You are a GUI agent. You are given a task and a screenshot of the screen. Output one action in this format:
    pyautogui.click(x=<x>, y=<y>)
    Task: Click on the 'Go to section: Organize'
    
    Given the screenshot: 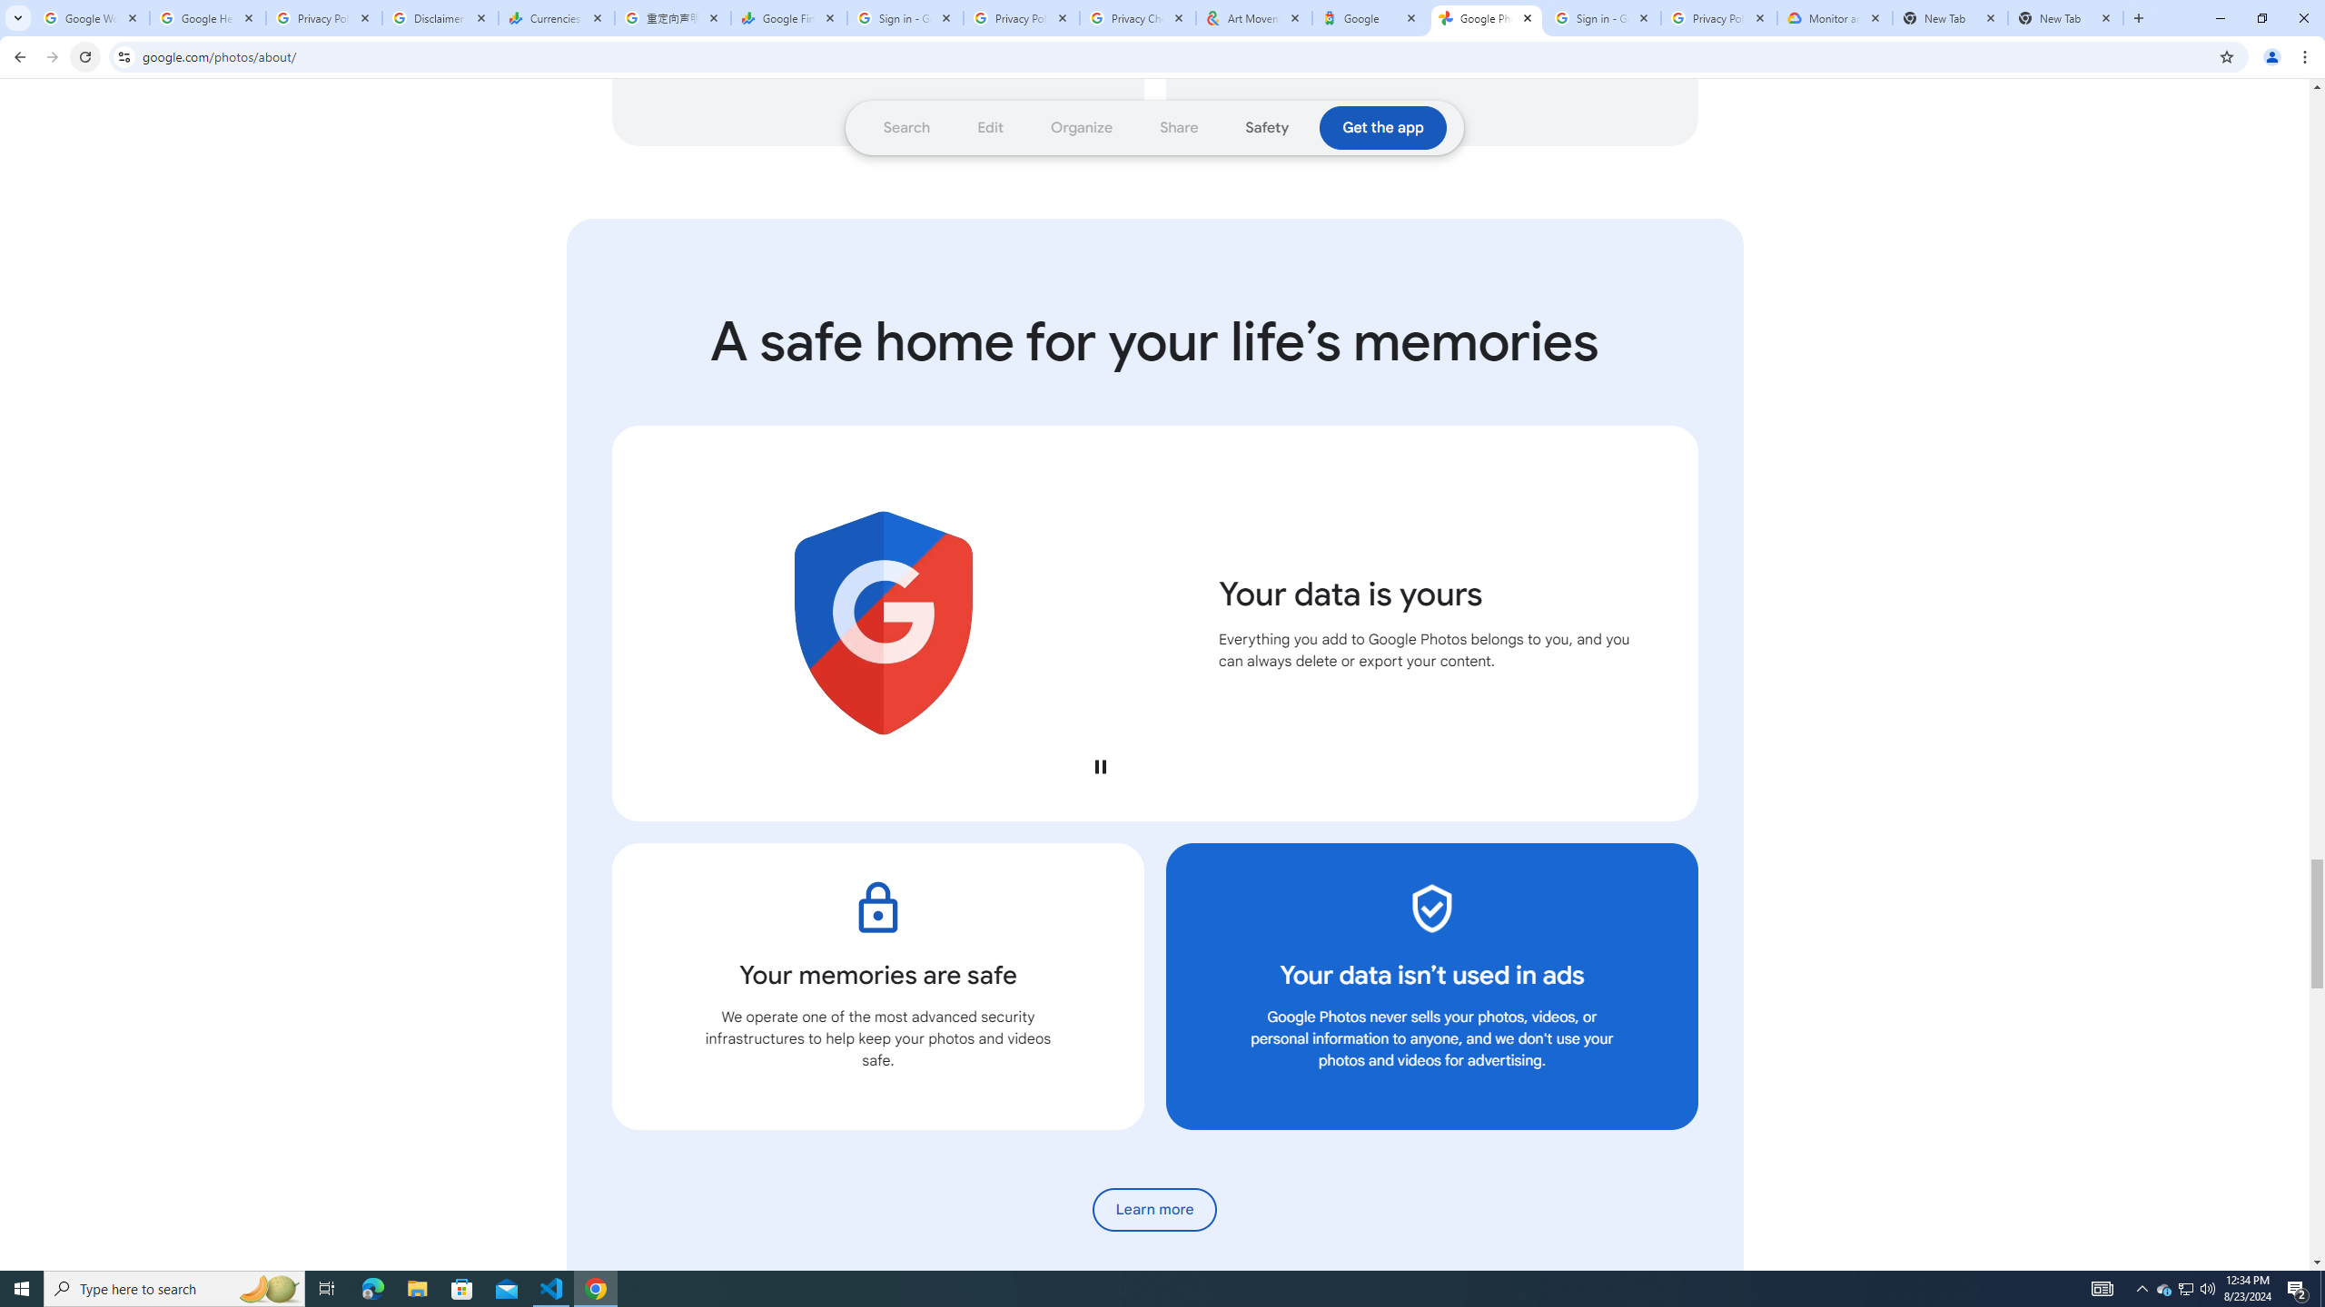 What is the action you would take?
    pyautogui.click(x=1081, y=128)
    